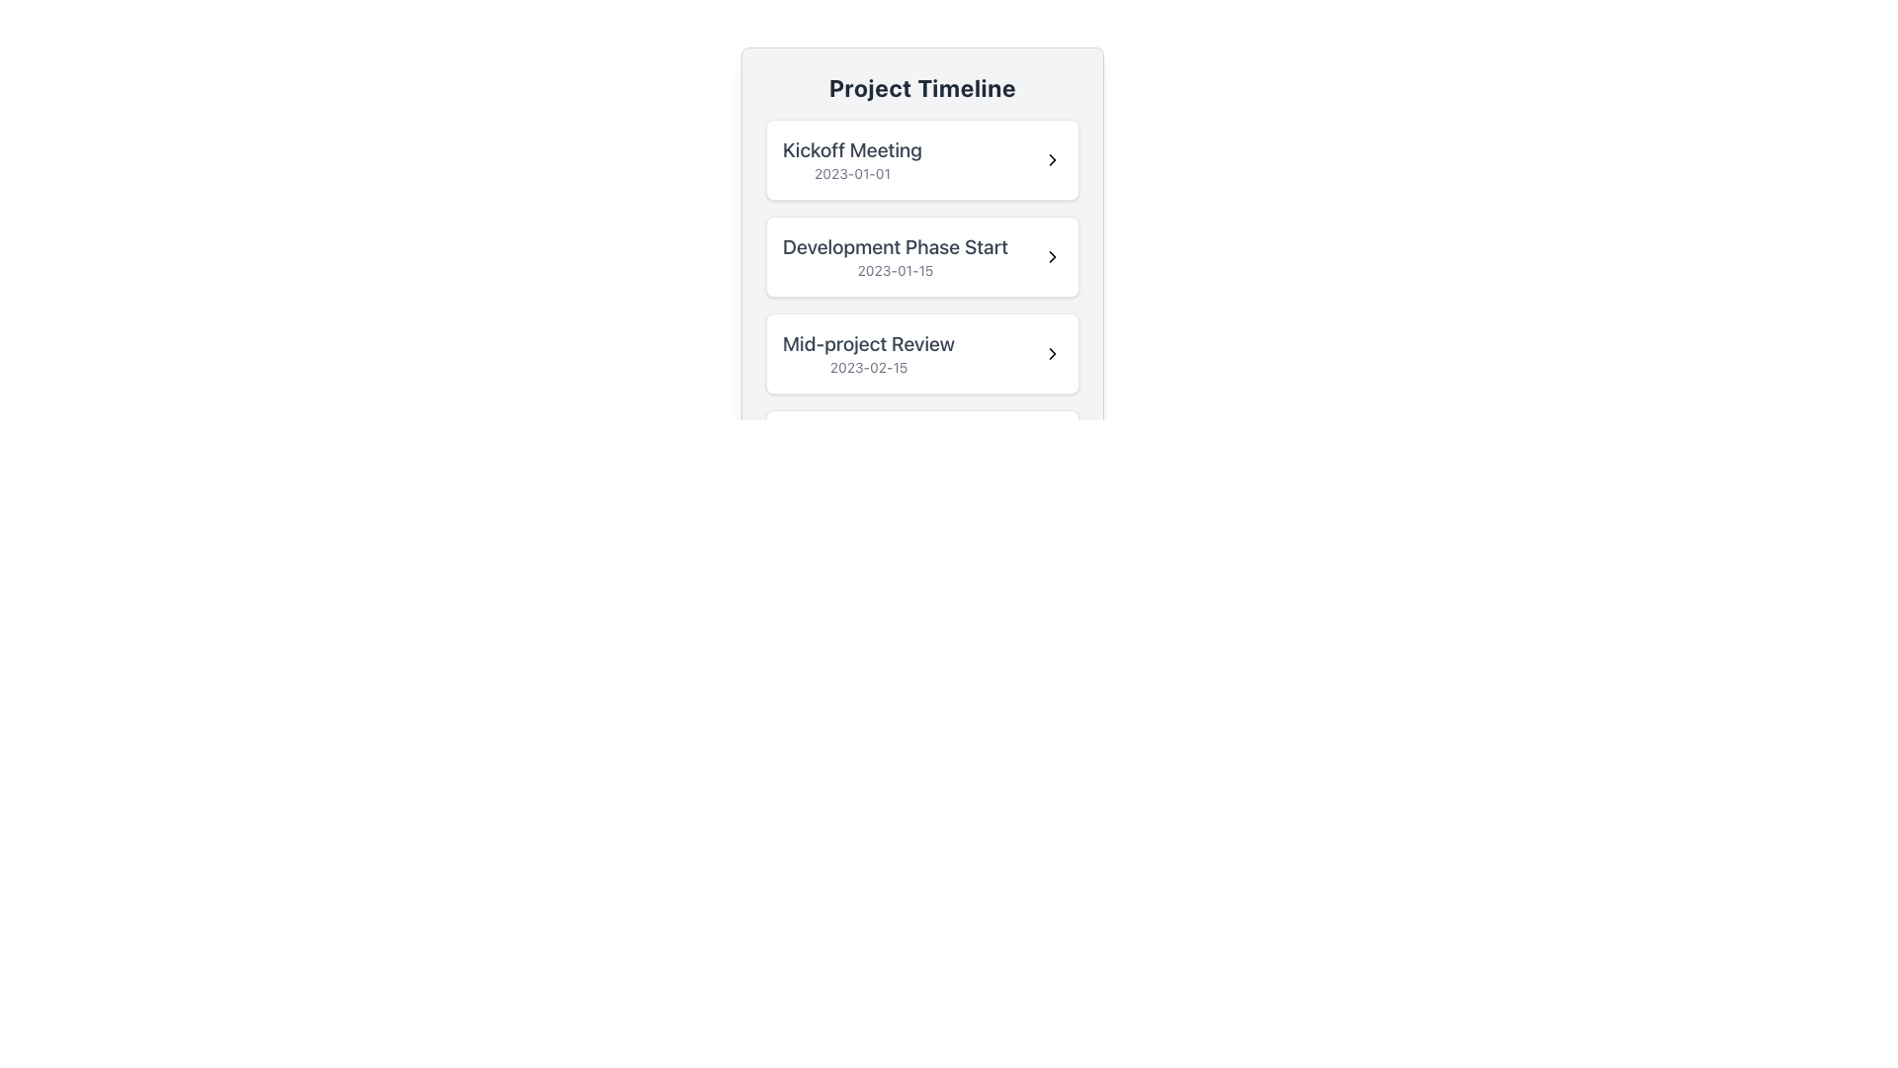  What do you see at coordinates (1052, 353) in the screenshot?
I see `the right-pointing arrow icon with a black outline located on the right side of the 'Mid-project Review' row dated '2023-02-15'` at bounding box center [1052, 353].